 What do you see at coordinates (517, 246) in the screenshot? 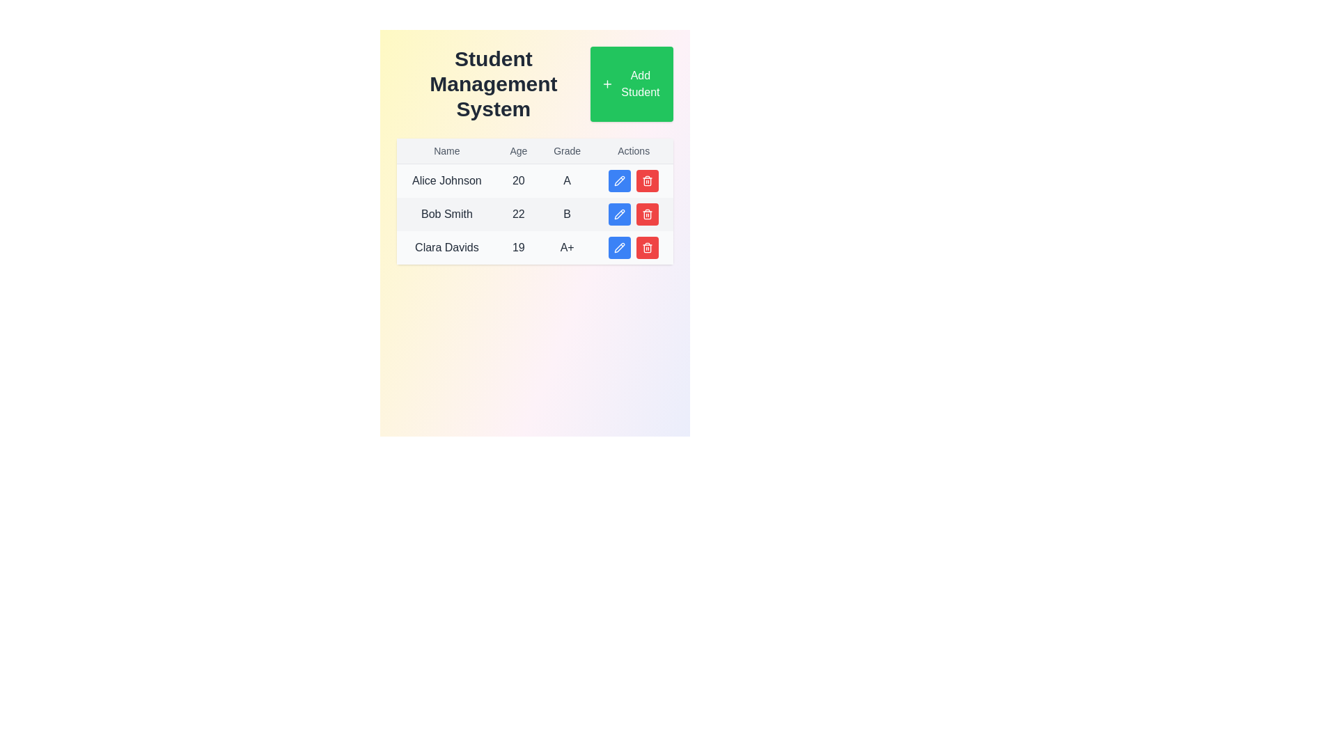
I see `the 'Age' text label for the student 'Clara Davids' located in the third row and second column of the table` at bounding box center [517, 246].